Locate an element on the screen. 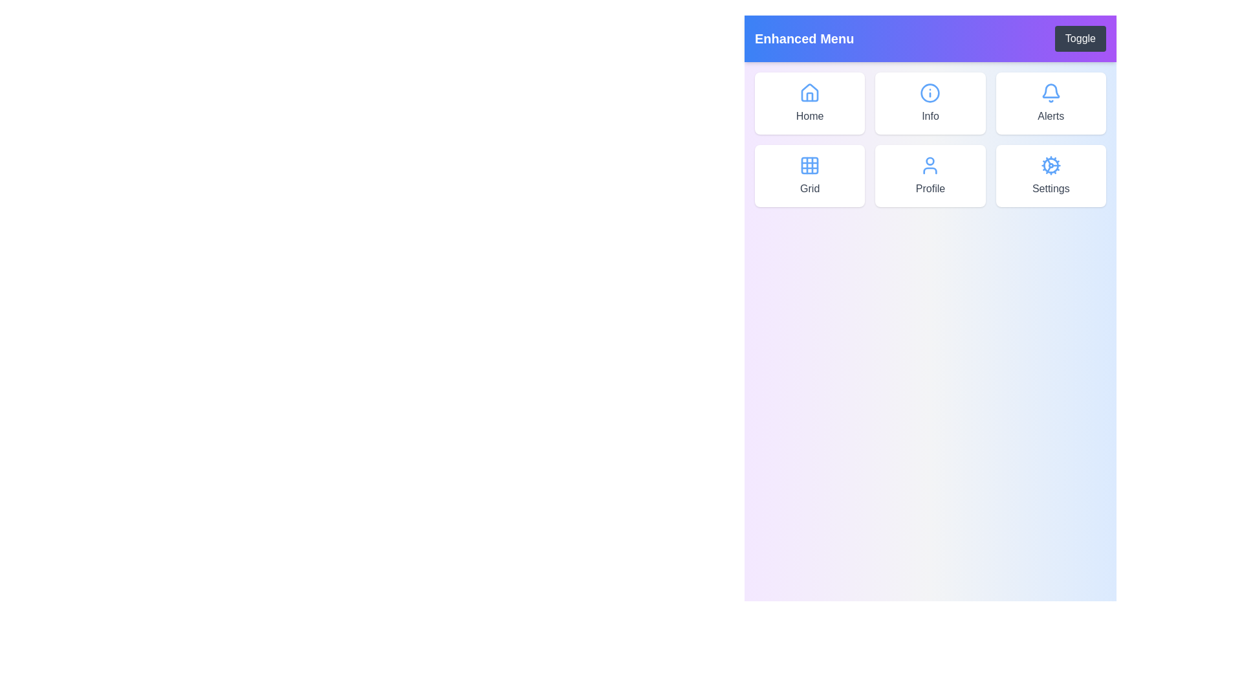 The image size is (1242, 699). the menu item labeled Alerts is located at coordinates (1050, 102).